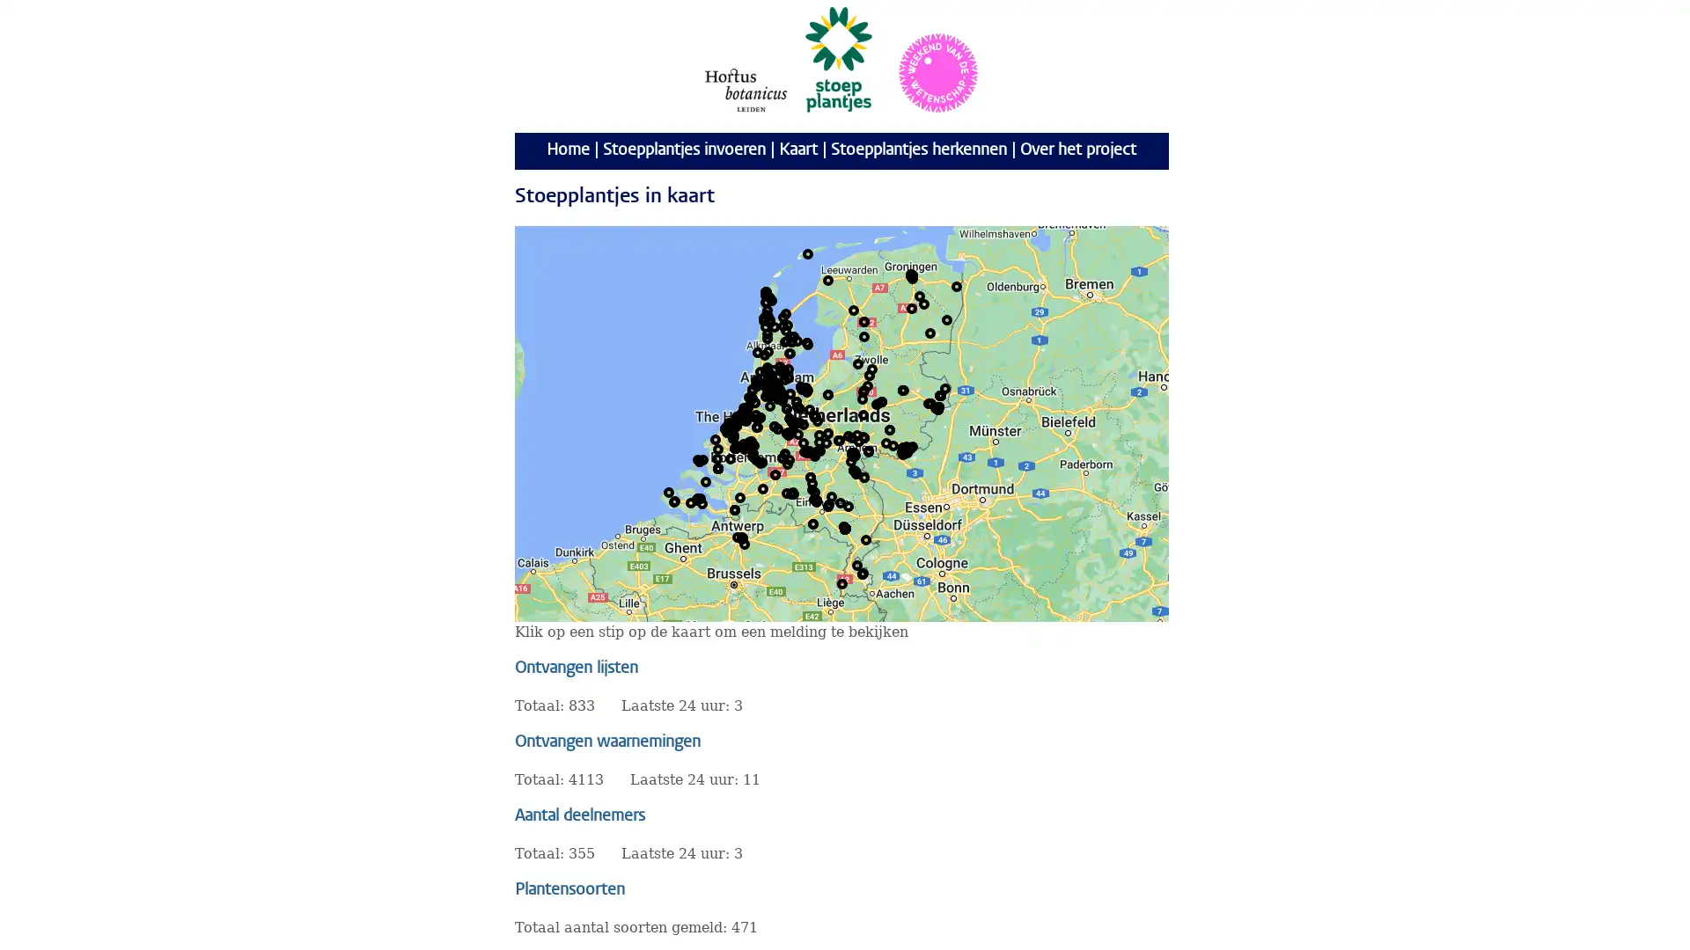 The height and width of the screenshot is (950, 1690). I want to click on Telling van Mang op 02 december 2021, so click(854, 470).